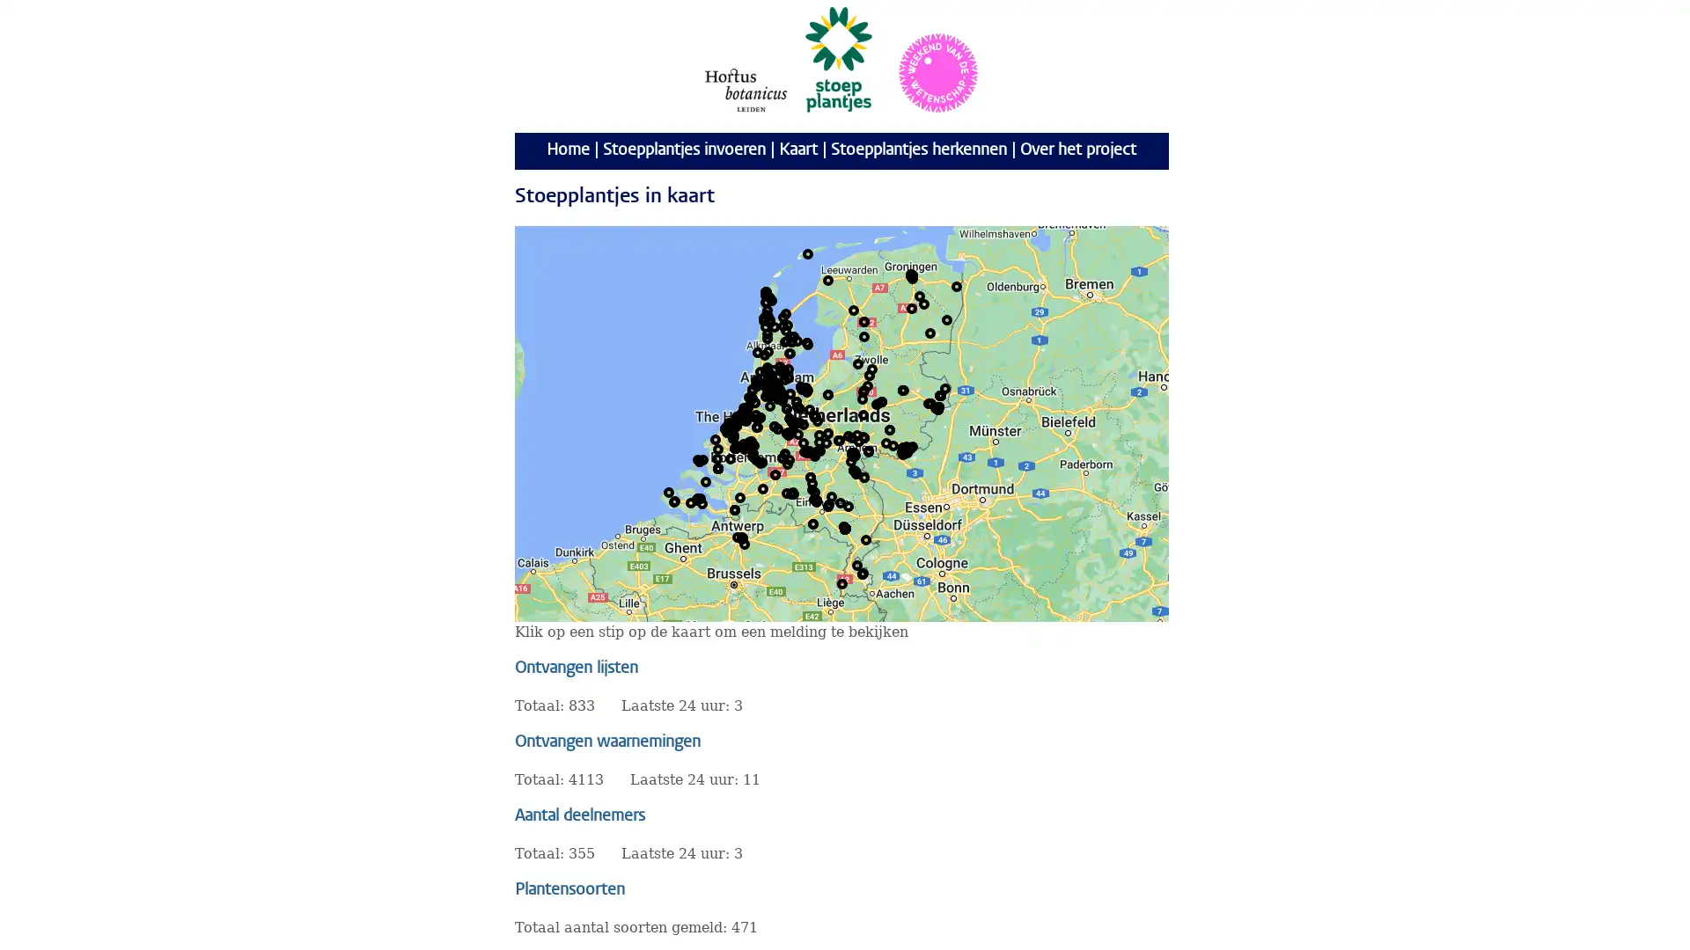 The height and width of the screenshot is (950, 1690). I want to click on Telling van Mang op 02 december 2021, so click(854, 470).